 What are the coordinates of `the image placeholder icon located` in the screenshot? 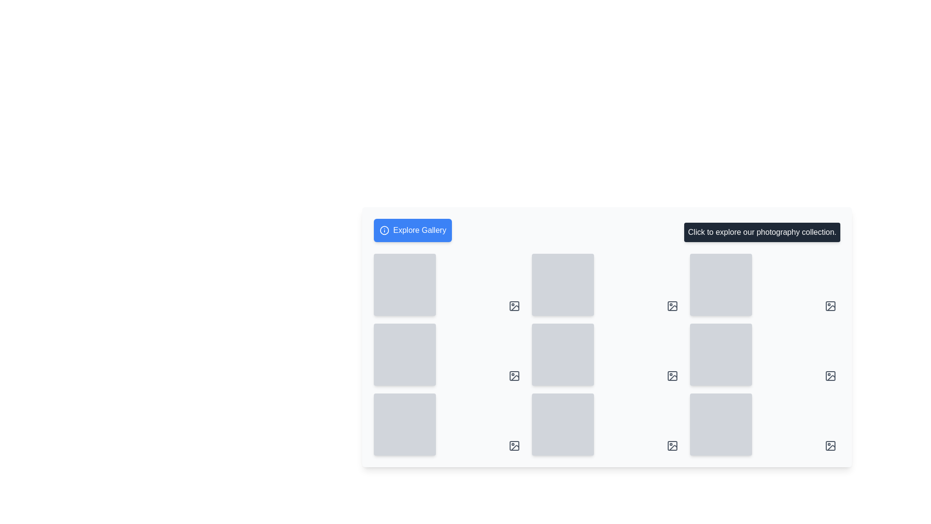 It's located at (514, 306).